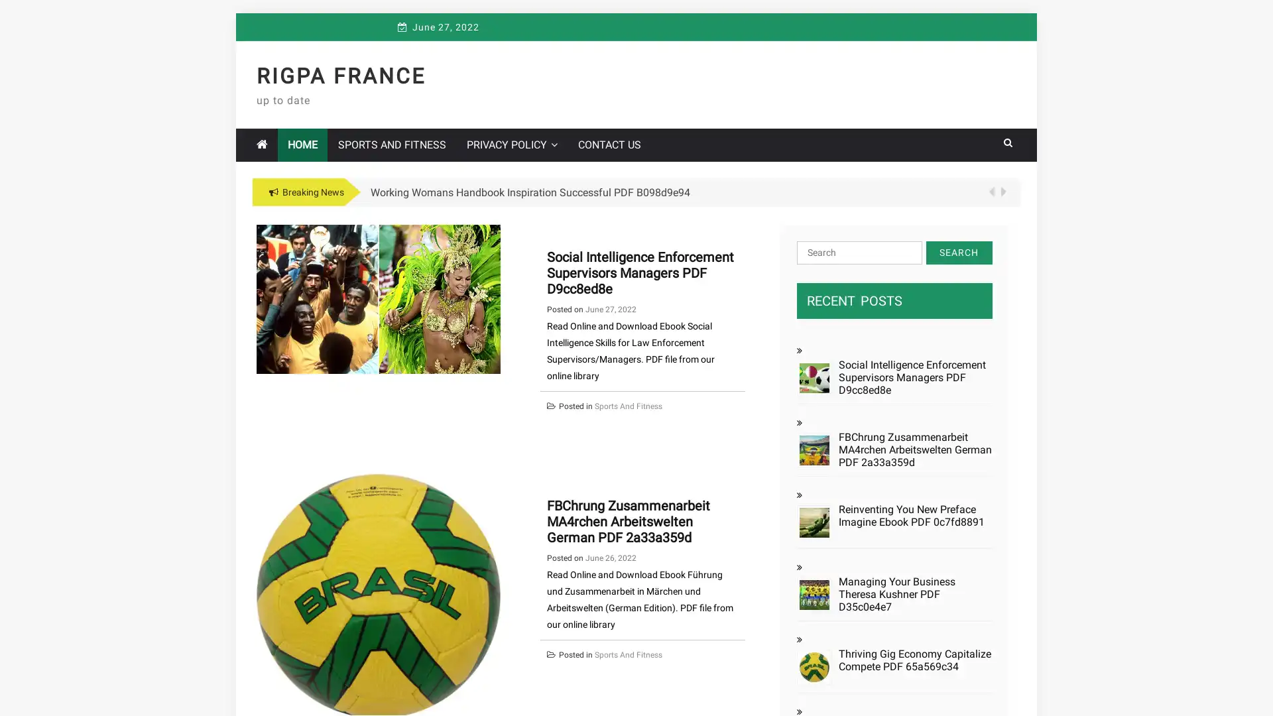 Image resolution: width=1273 pixels, height=716 pixels. I want to click on Search, so click(958, 252).